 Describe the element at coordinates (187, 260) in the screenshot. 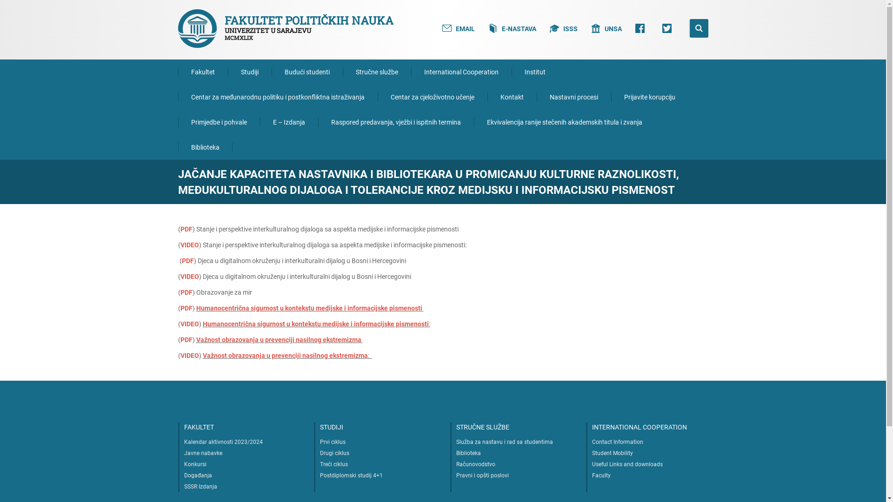

I see `'PDF'` at that location.